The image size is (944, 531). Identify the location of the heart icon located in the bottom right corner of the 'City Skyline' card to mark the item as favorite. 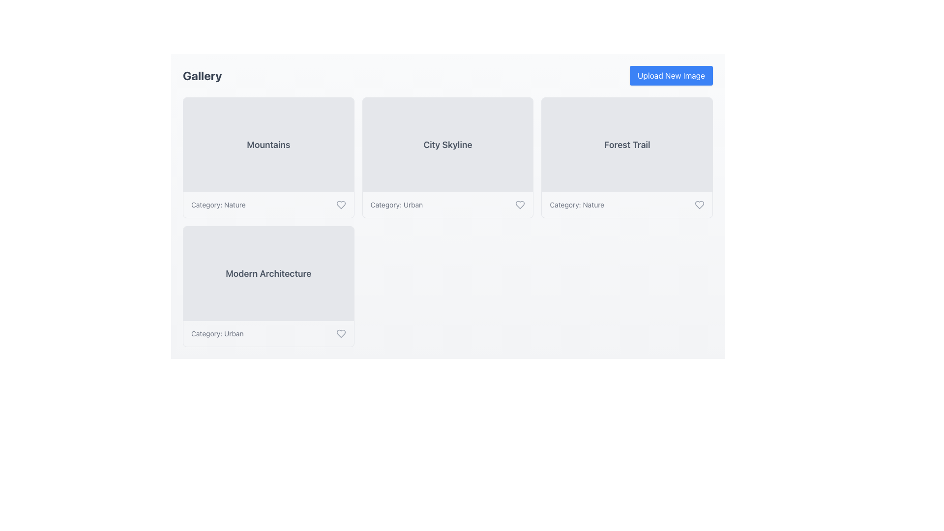
(519, 204).